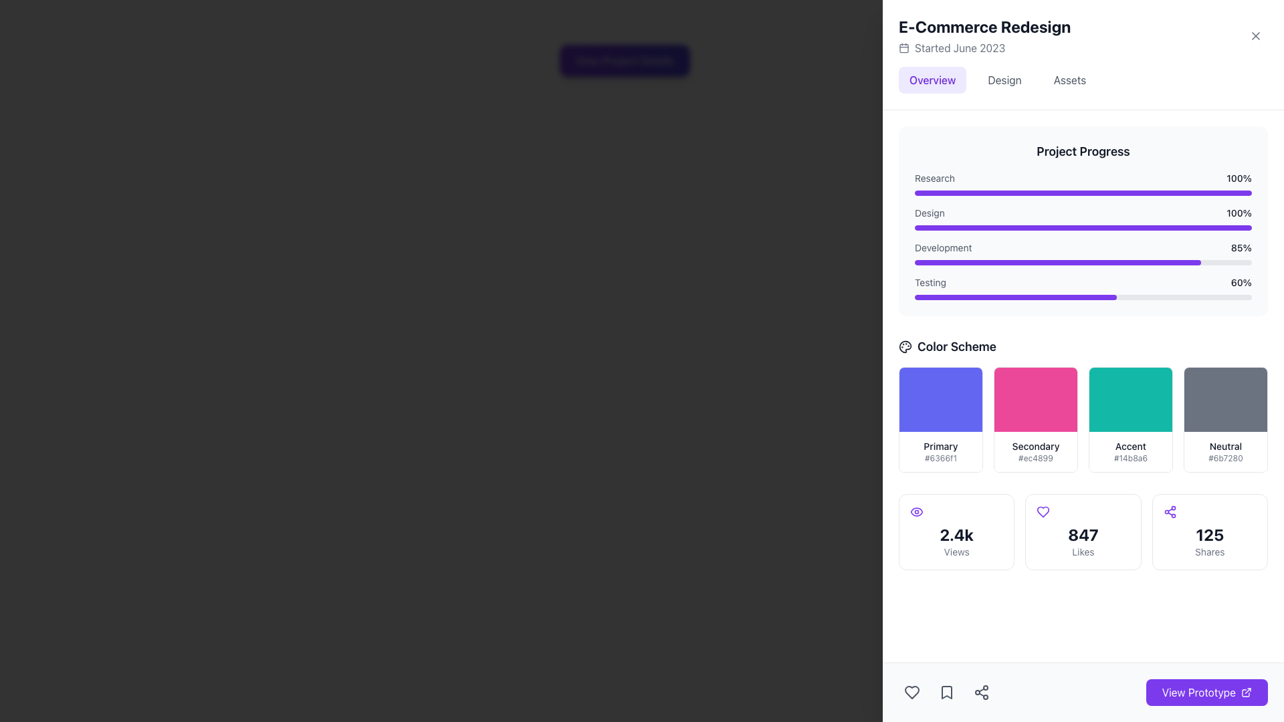  Describe the element at coordinates (1083, 221) in the screenshot. I see `the Progress Bar Display Component at the specified coordinates` at that location.